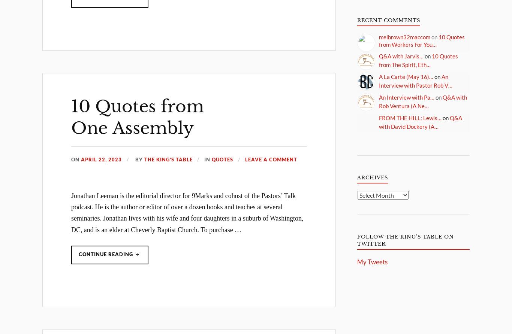 The height and width of the screenshot is (334, 512). I want to click on 'Q&A with Jarvis…', so click(401, 56).